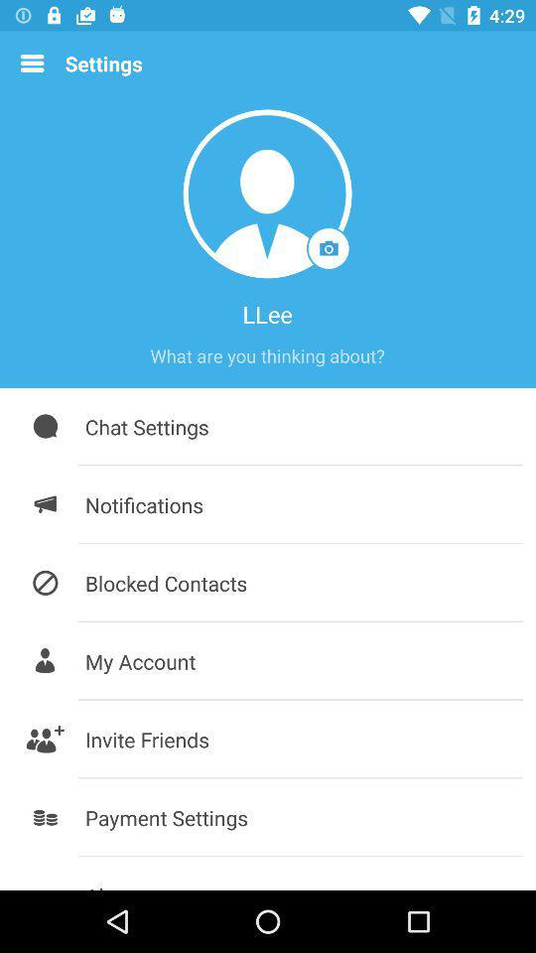 Image resolution: width=536 pixels, height=953 pixels. I want to click on about me, so click(267, 355).